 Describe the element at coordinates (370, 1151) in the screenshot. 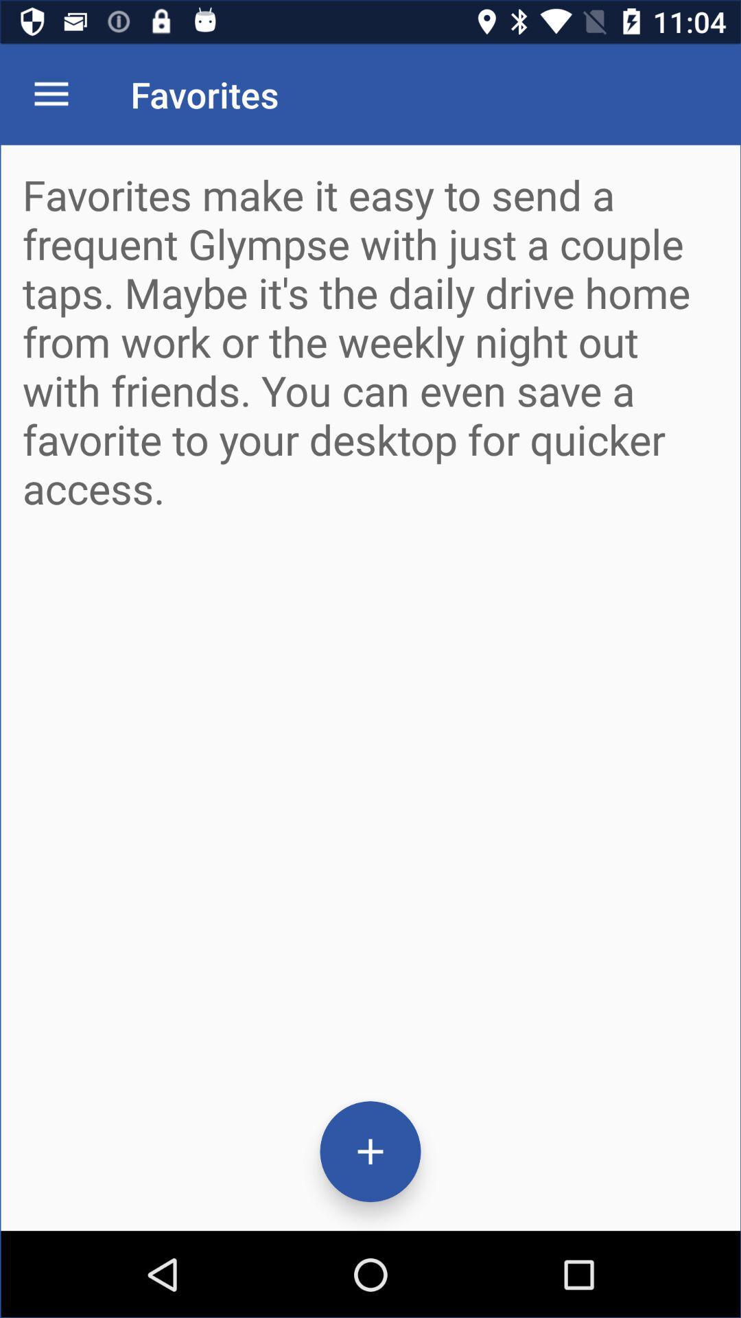

I see `the add icon` at that location.